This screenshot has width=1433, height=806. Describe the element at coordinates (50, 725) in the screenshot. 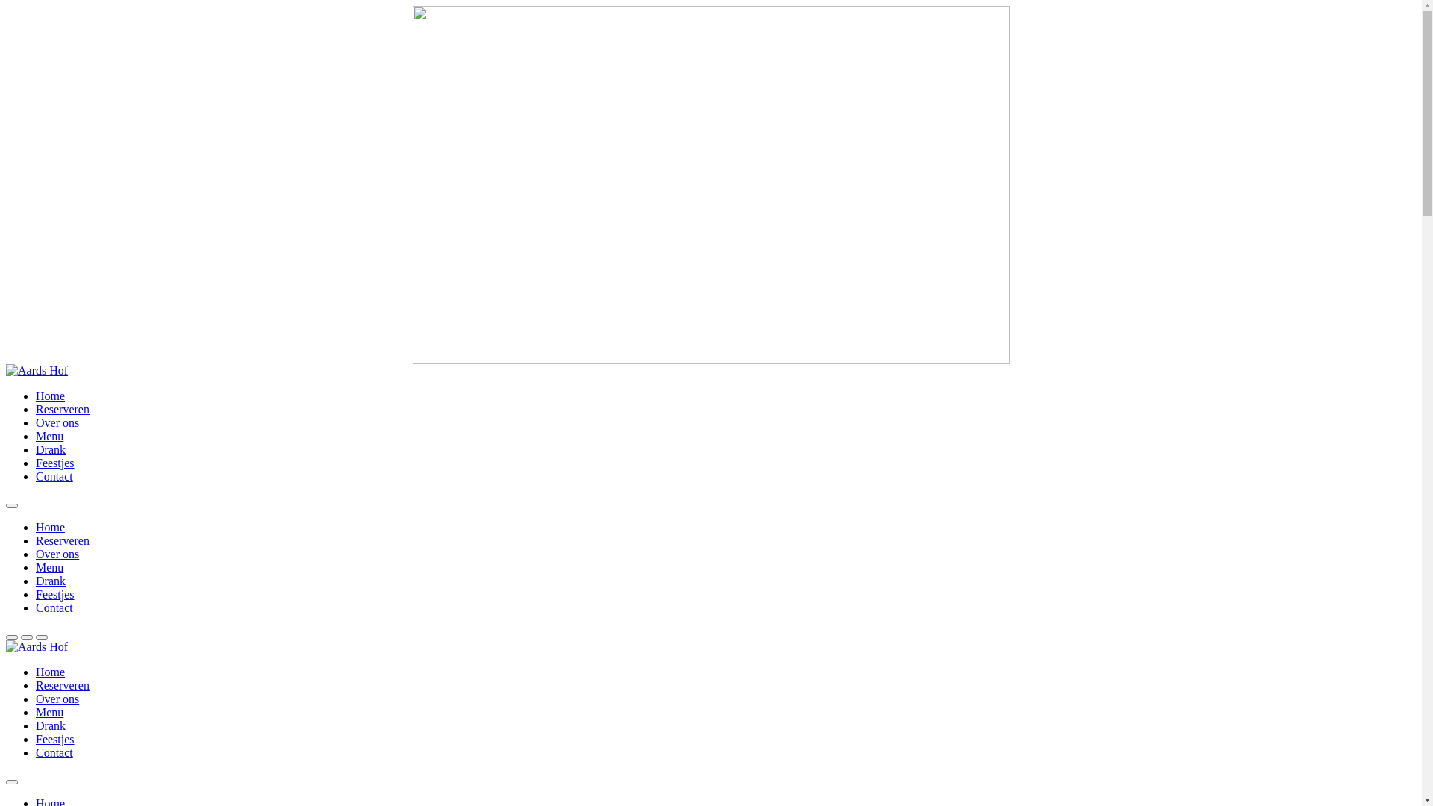

I see `'Drank'` at that location.